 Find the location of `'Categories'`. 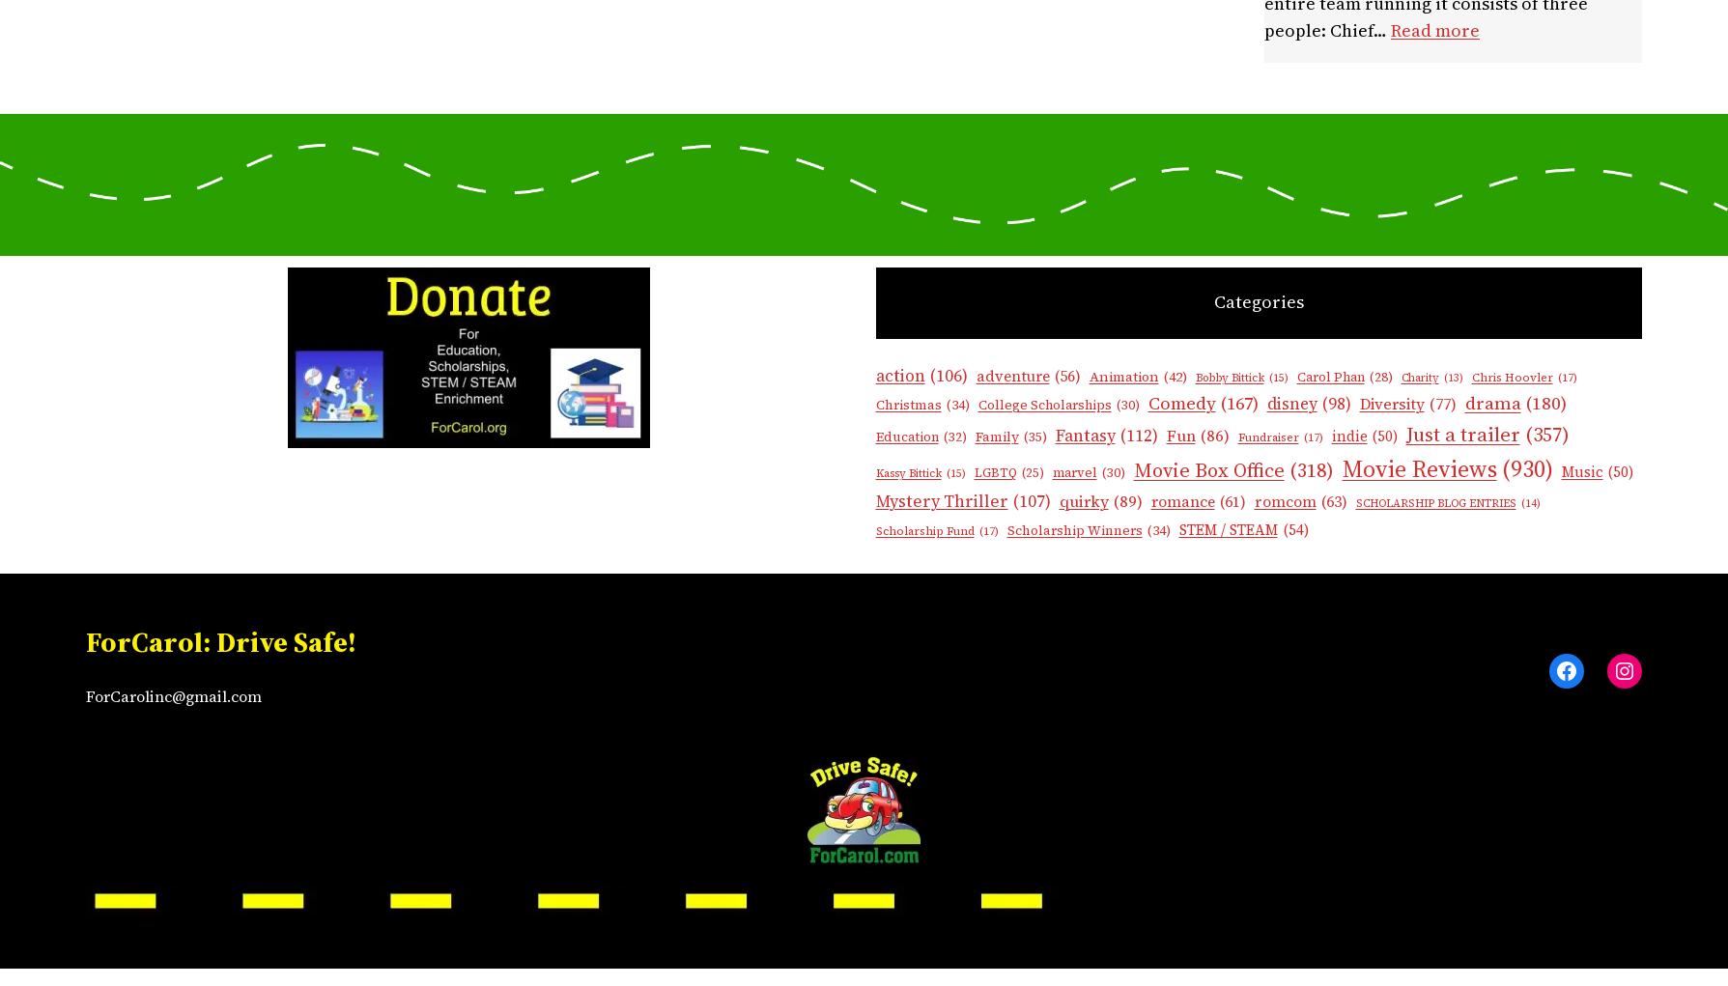

'Categories' is located at coordinates (1258, 301).